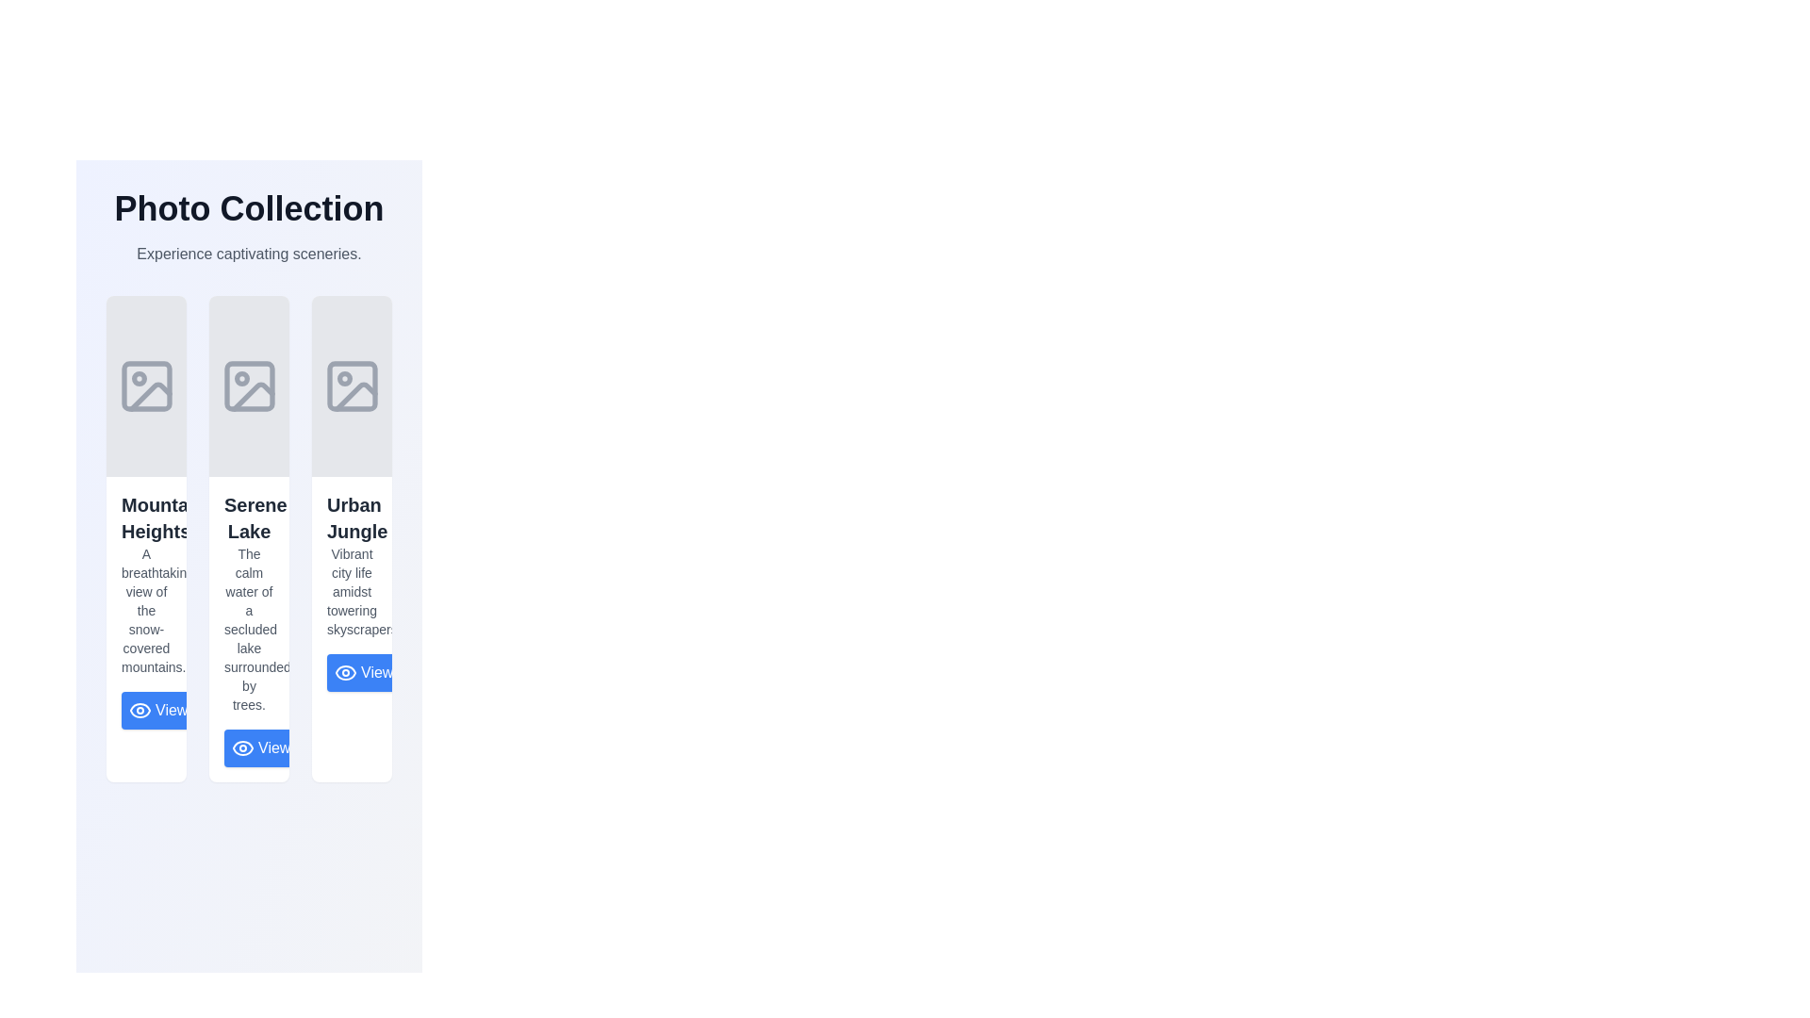 The width and height of the screenshot is (1810, 1018). Describe the element at coordinates (364, 671) in the screenshot. I see `the 'View' button located at the bottom of the 'Urban Jungle' card` at that location.